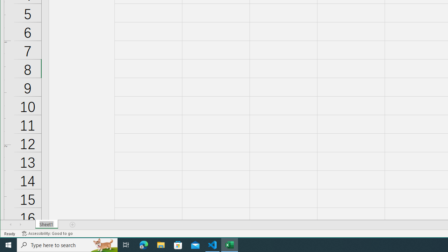  I want to click on 'Sheet Tab', so click(46, 224).